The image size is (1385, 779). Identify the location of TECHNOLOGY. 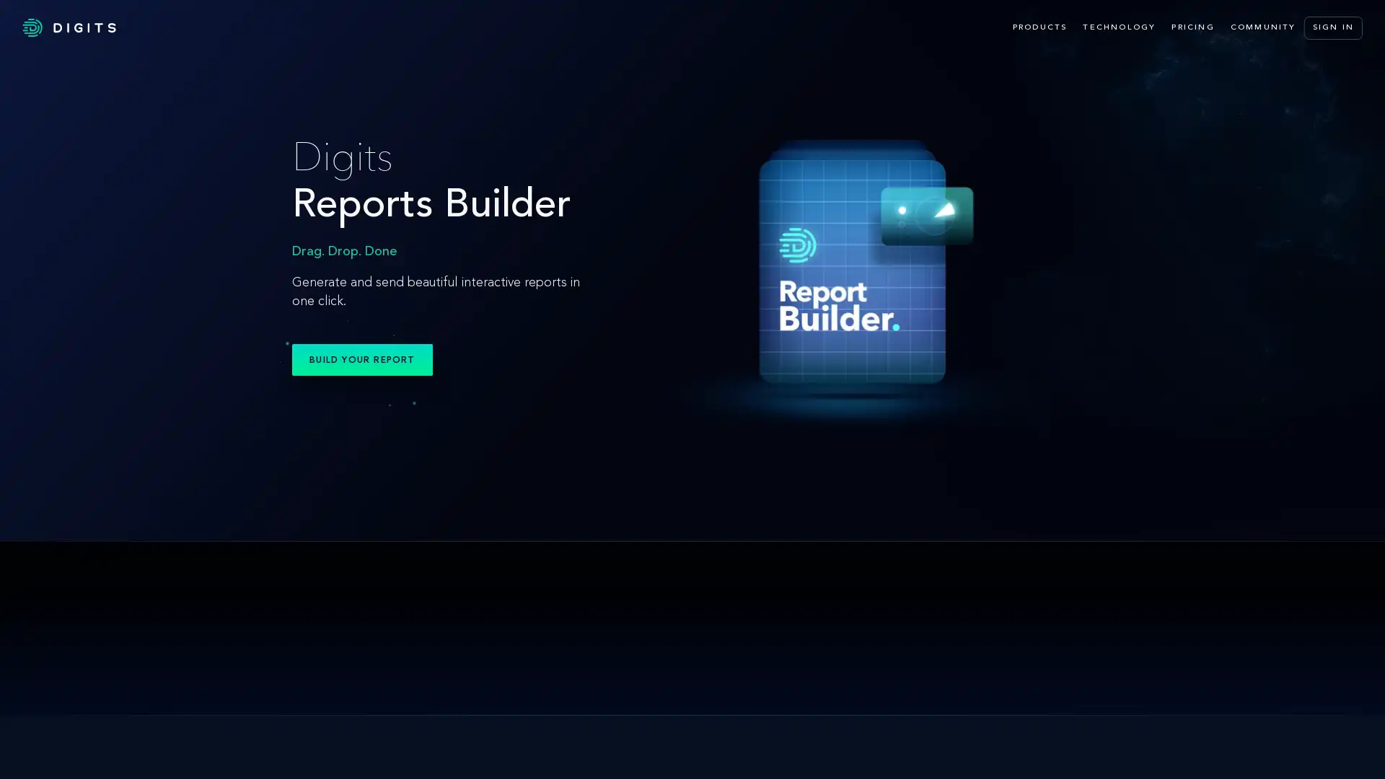
(1118, 27).